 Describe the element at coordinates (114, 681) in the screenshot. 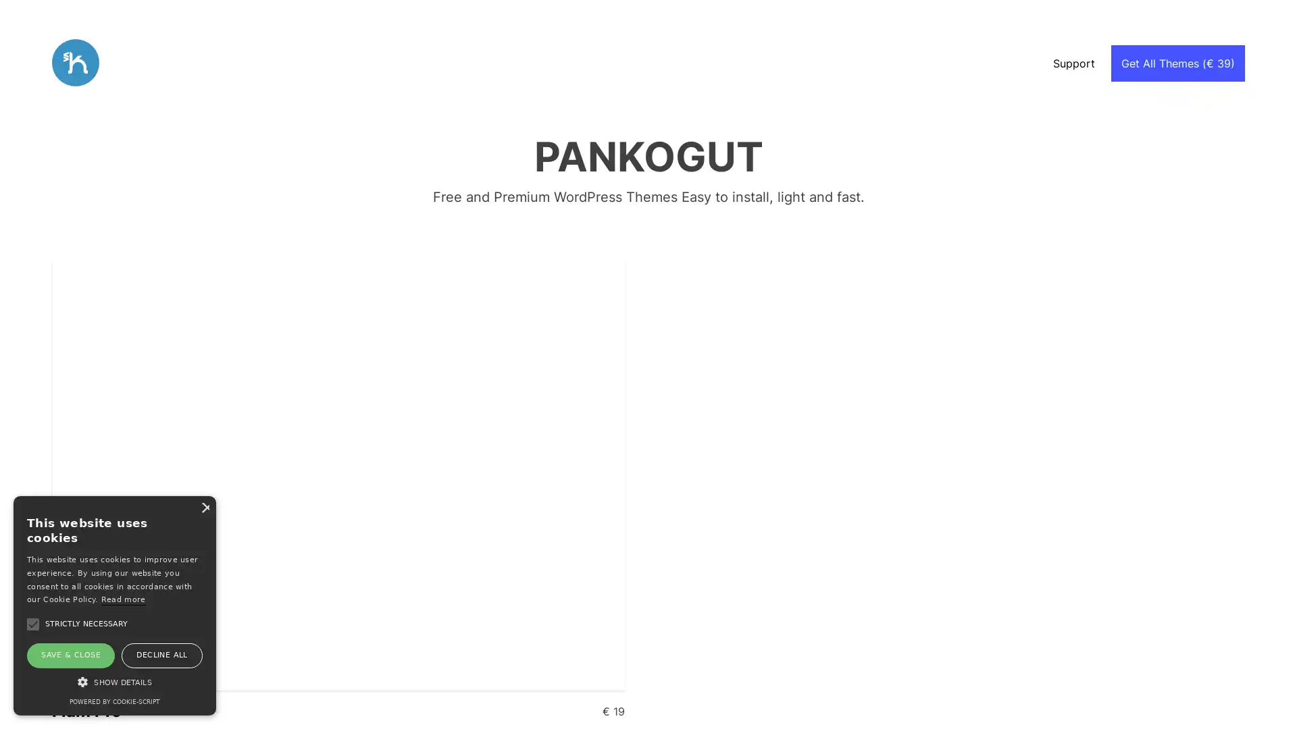

I see `SHOW DETAILS` at that location.